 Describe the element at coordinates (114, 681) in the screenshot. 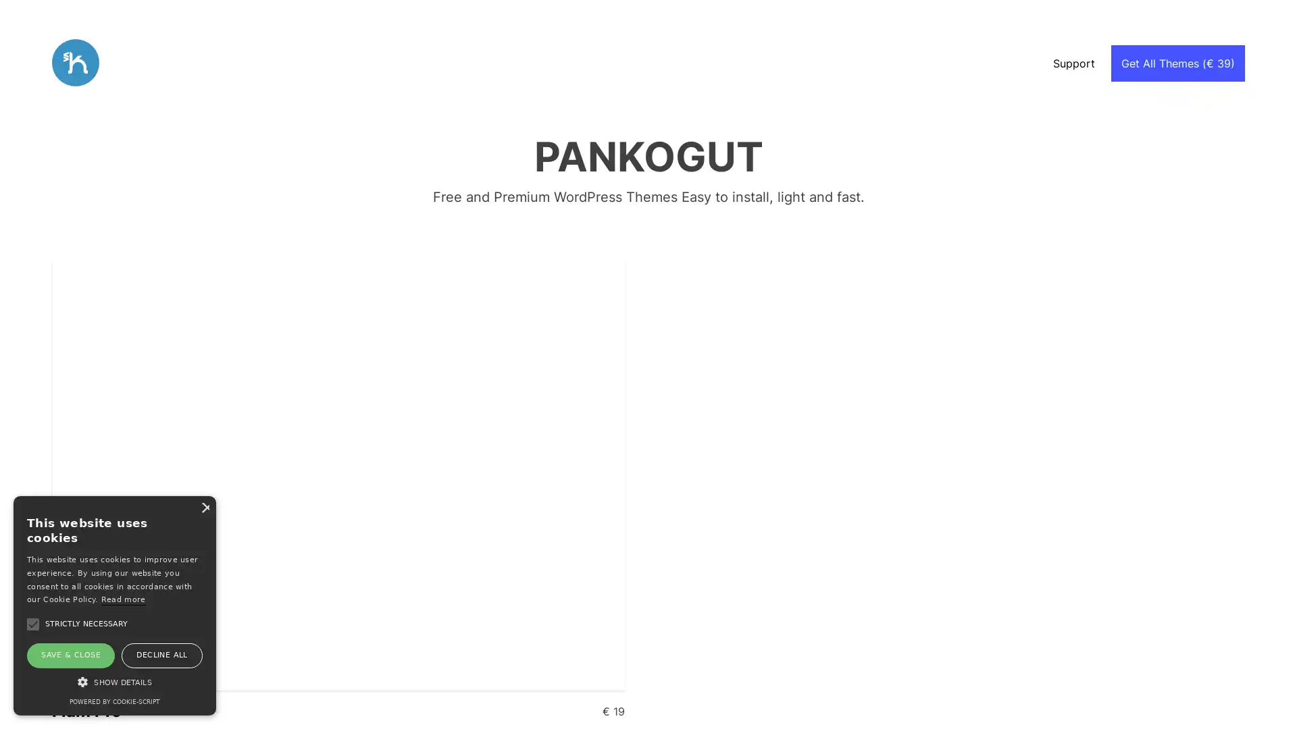

I see `SHOW DETAILS` at that location.